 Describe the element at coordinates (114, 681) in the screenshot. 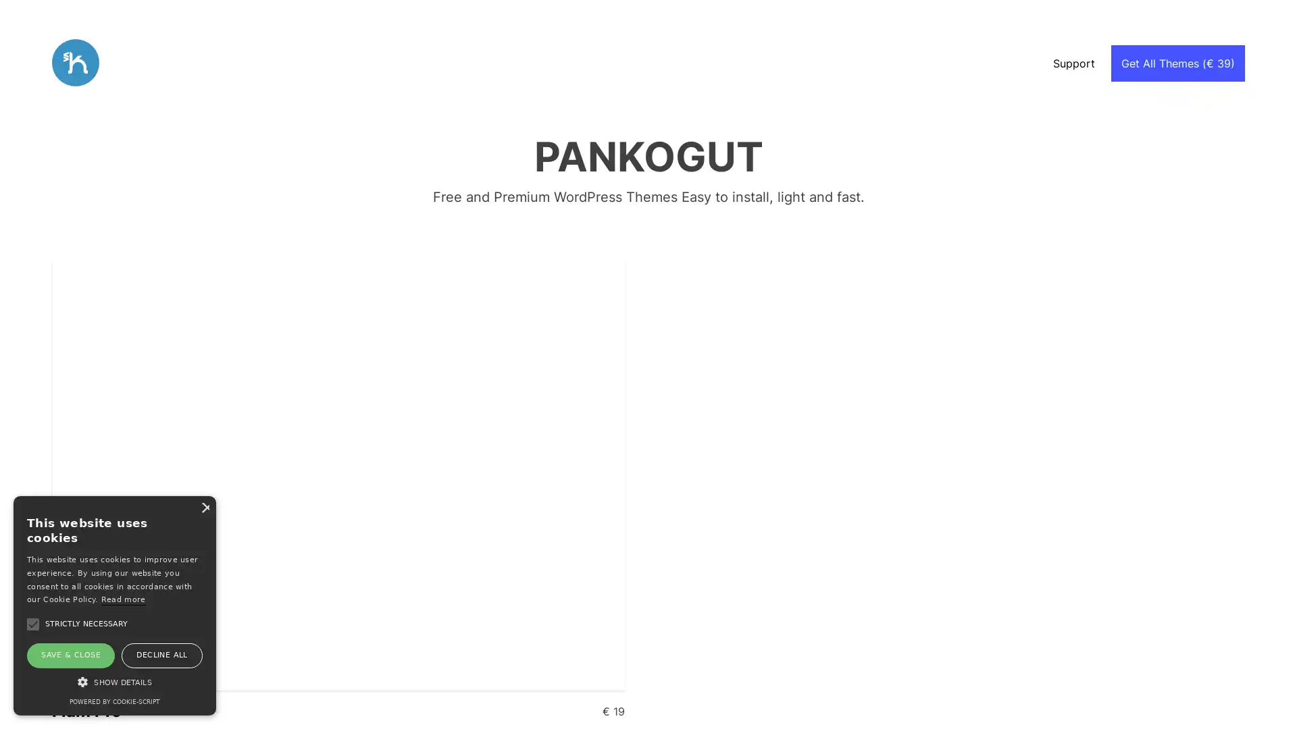

I see `SHOW DETAILS` at that location.